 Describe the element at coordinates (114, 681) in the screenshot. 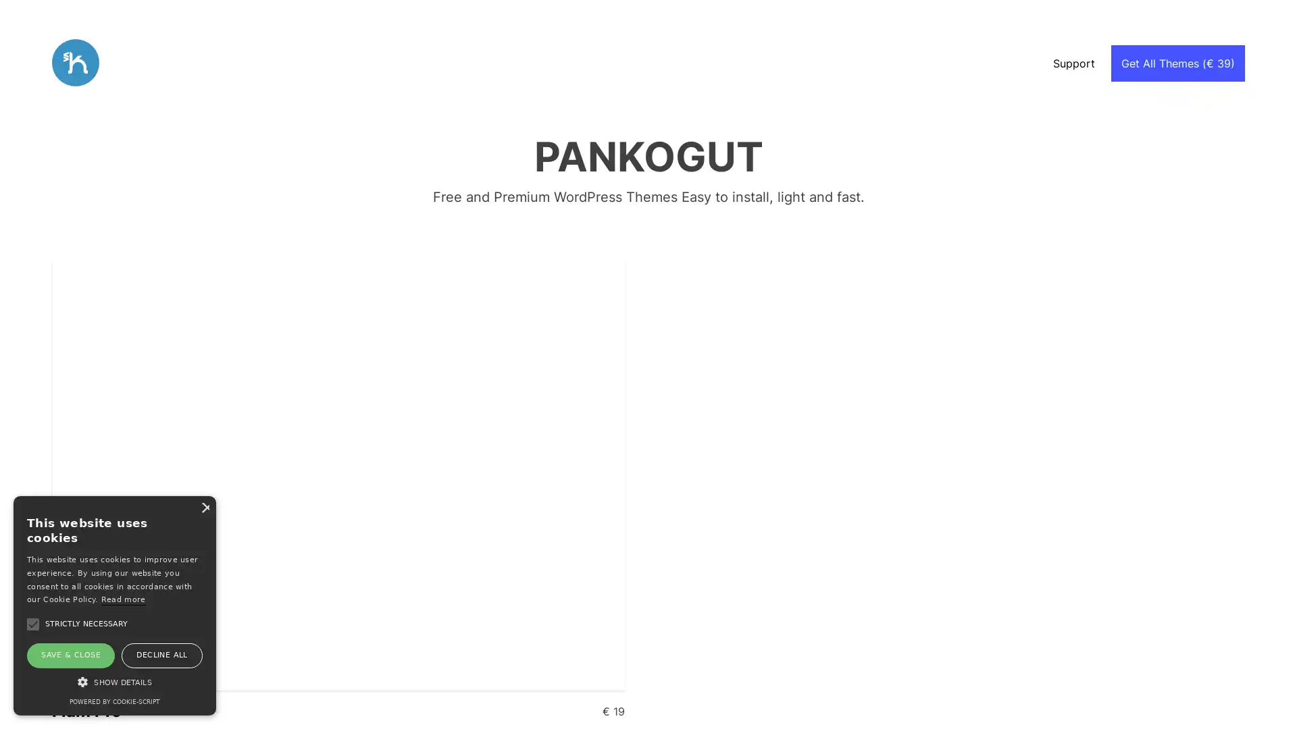

I see `SHOW DETAILS` at that location.